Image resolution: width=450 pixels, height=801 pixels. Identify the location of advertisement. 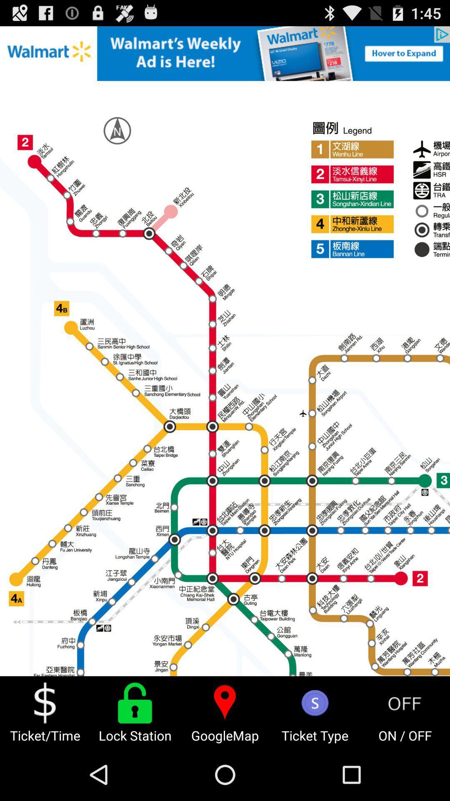
(225, 53).